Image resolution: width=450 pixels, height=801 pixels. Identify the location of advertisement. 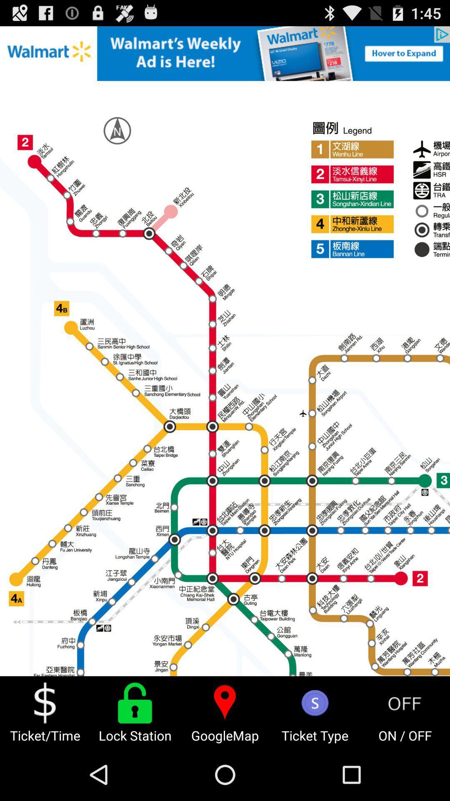
(225, 53).